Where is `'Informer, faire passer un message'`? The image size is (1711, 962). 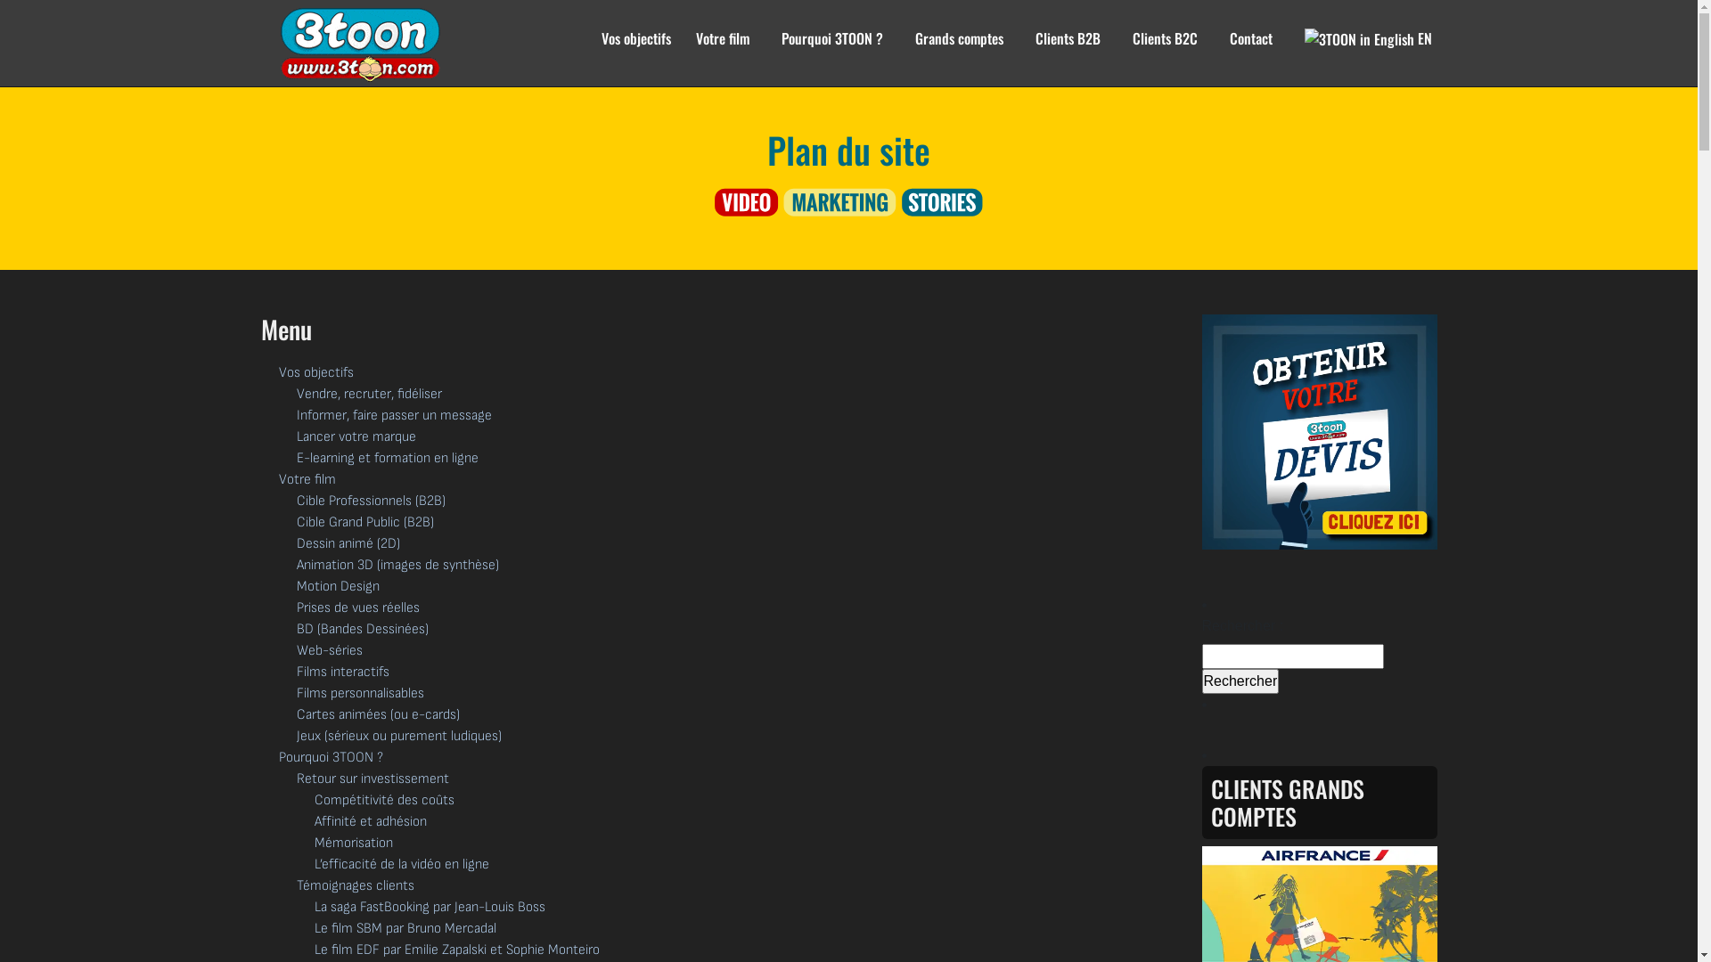
'Informer, faire passer un message' is located at coordinates (295, 415).